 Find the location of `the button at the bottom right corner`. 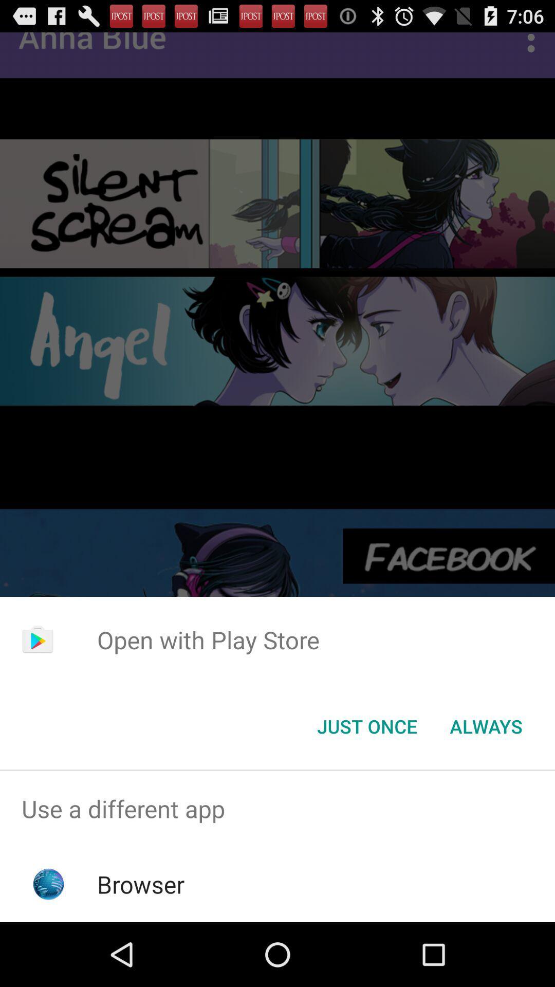

the button at the bottom right corner is located at coordinates (486, 725).